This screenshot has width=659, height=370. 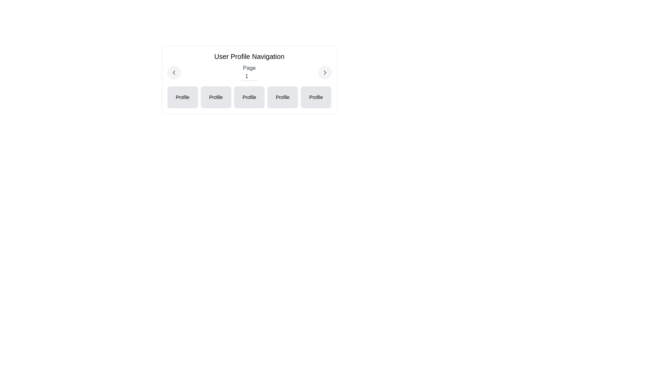 I want to click on the text label indicating 'Profile' at the top of the navigation panel, which serves as the title for user profile navigation, so click(x=249, y=56).